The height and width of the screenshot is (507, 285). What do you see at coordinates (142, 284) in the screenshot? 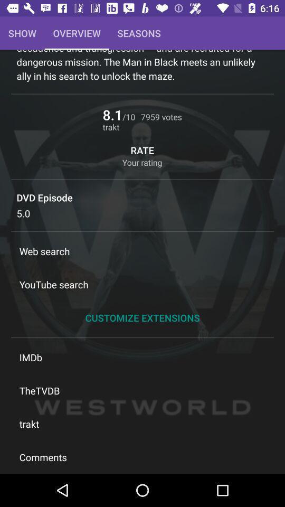
I see `the youtube search` at bounding box center [142, 284].